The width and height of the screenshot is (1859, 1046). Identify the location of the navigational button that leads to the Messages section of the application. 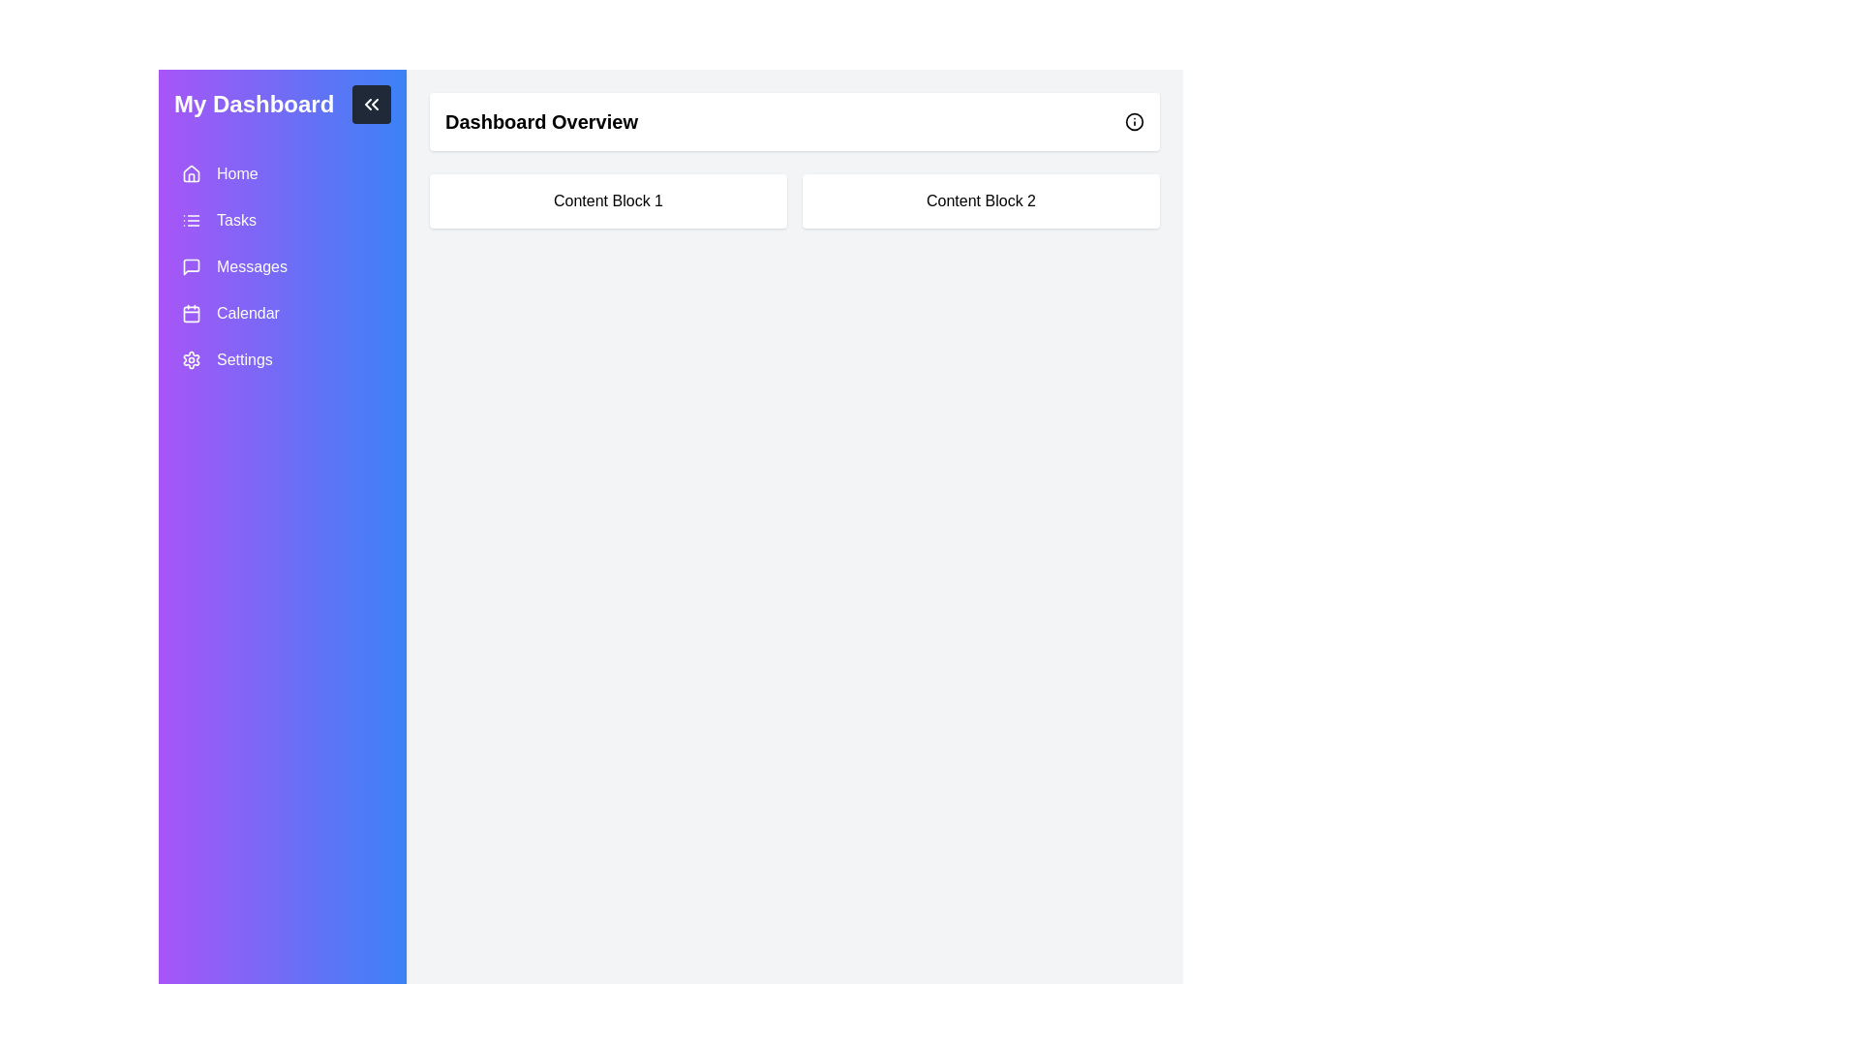
(282, 267).